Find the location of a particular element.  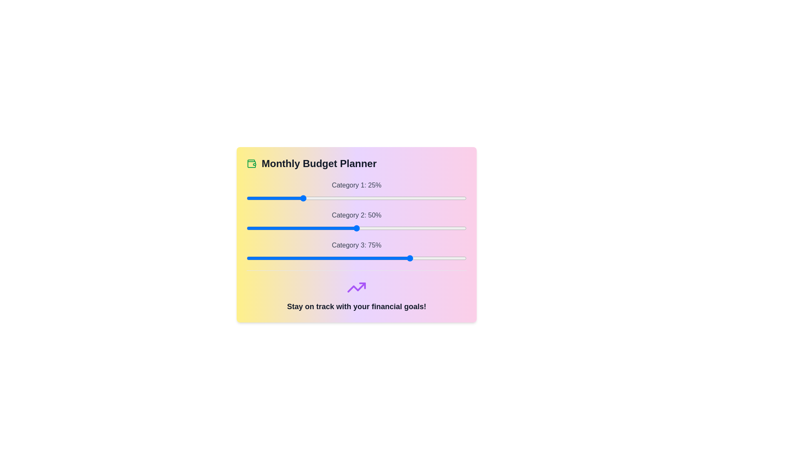

the slider for Category 2 to 47% is located at coordinates (350, 228).